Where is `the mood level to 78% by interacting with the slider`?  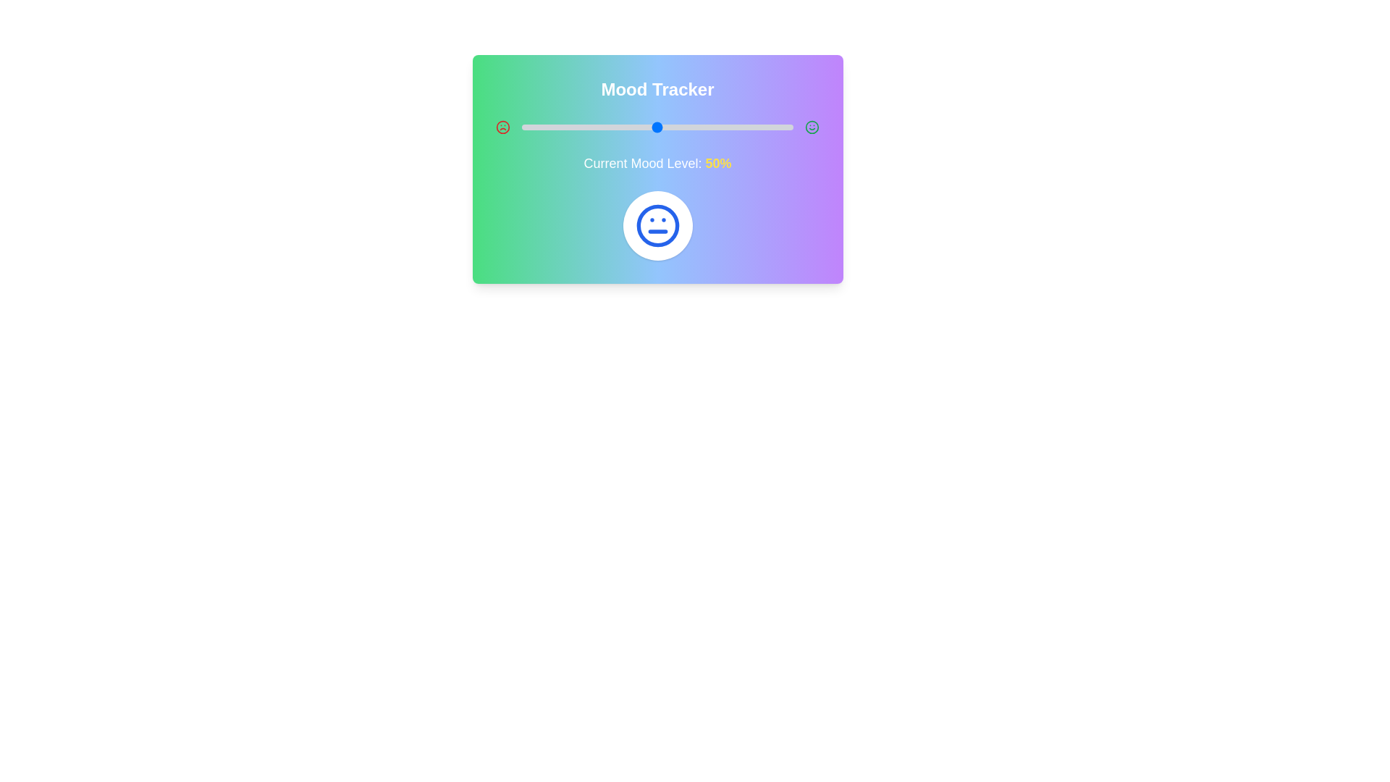
the mood level to 78% by interacting with the slider is located at coordinates (733, 127).